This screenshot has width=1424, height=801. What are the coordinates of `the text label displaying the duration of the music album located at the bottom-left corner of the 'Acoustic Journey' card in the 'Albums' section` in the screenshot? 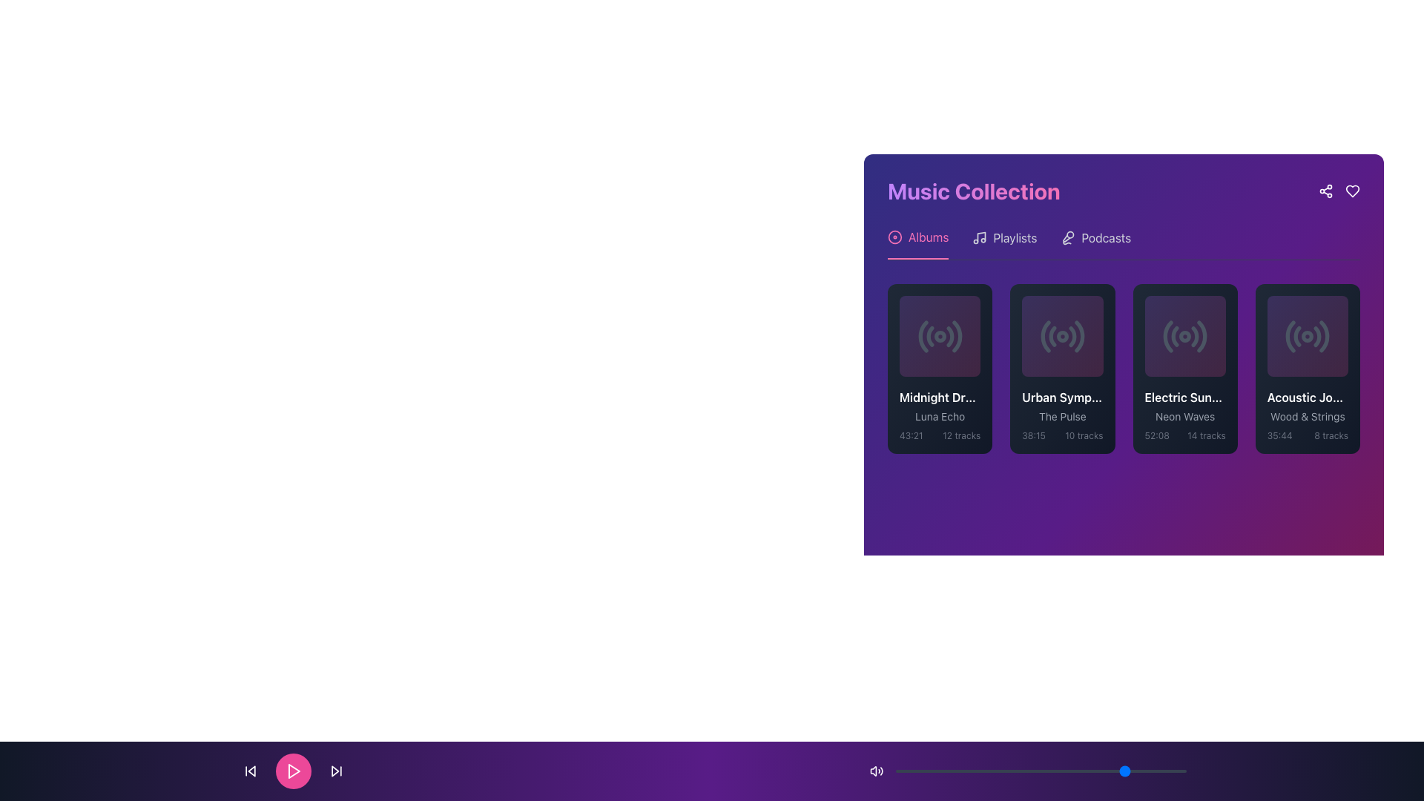 It's located at (1279, 435).